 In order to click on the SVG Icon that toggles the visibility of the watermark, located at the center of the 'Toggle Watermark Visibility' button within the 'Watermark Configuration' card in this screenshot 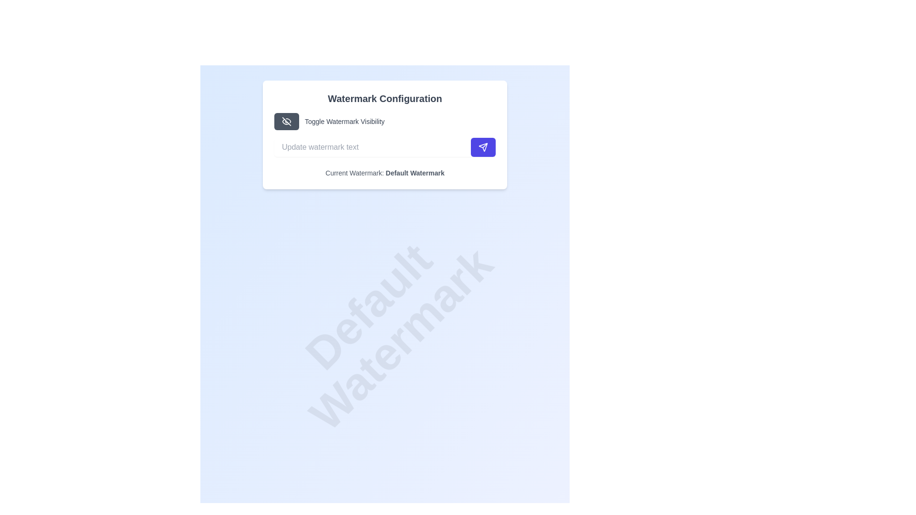, I will do `click(286, 121)`.